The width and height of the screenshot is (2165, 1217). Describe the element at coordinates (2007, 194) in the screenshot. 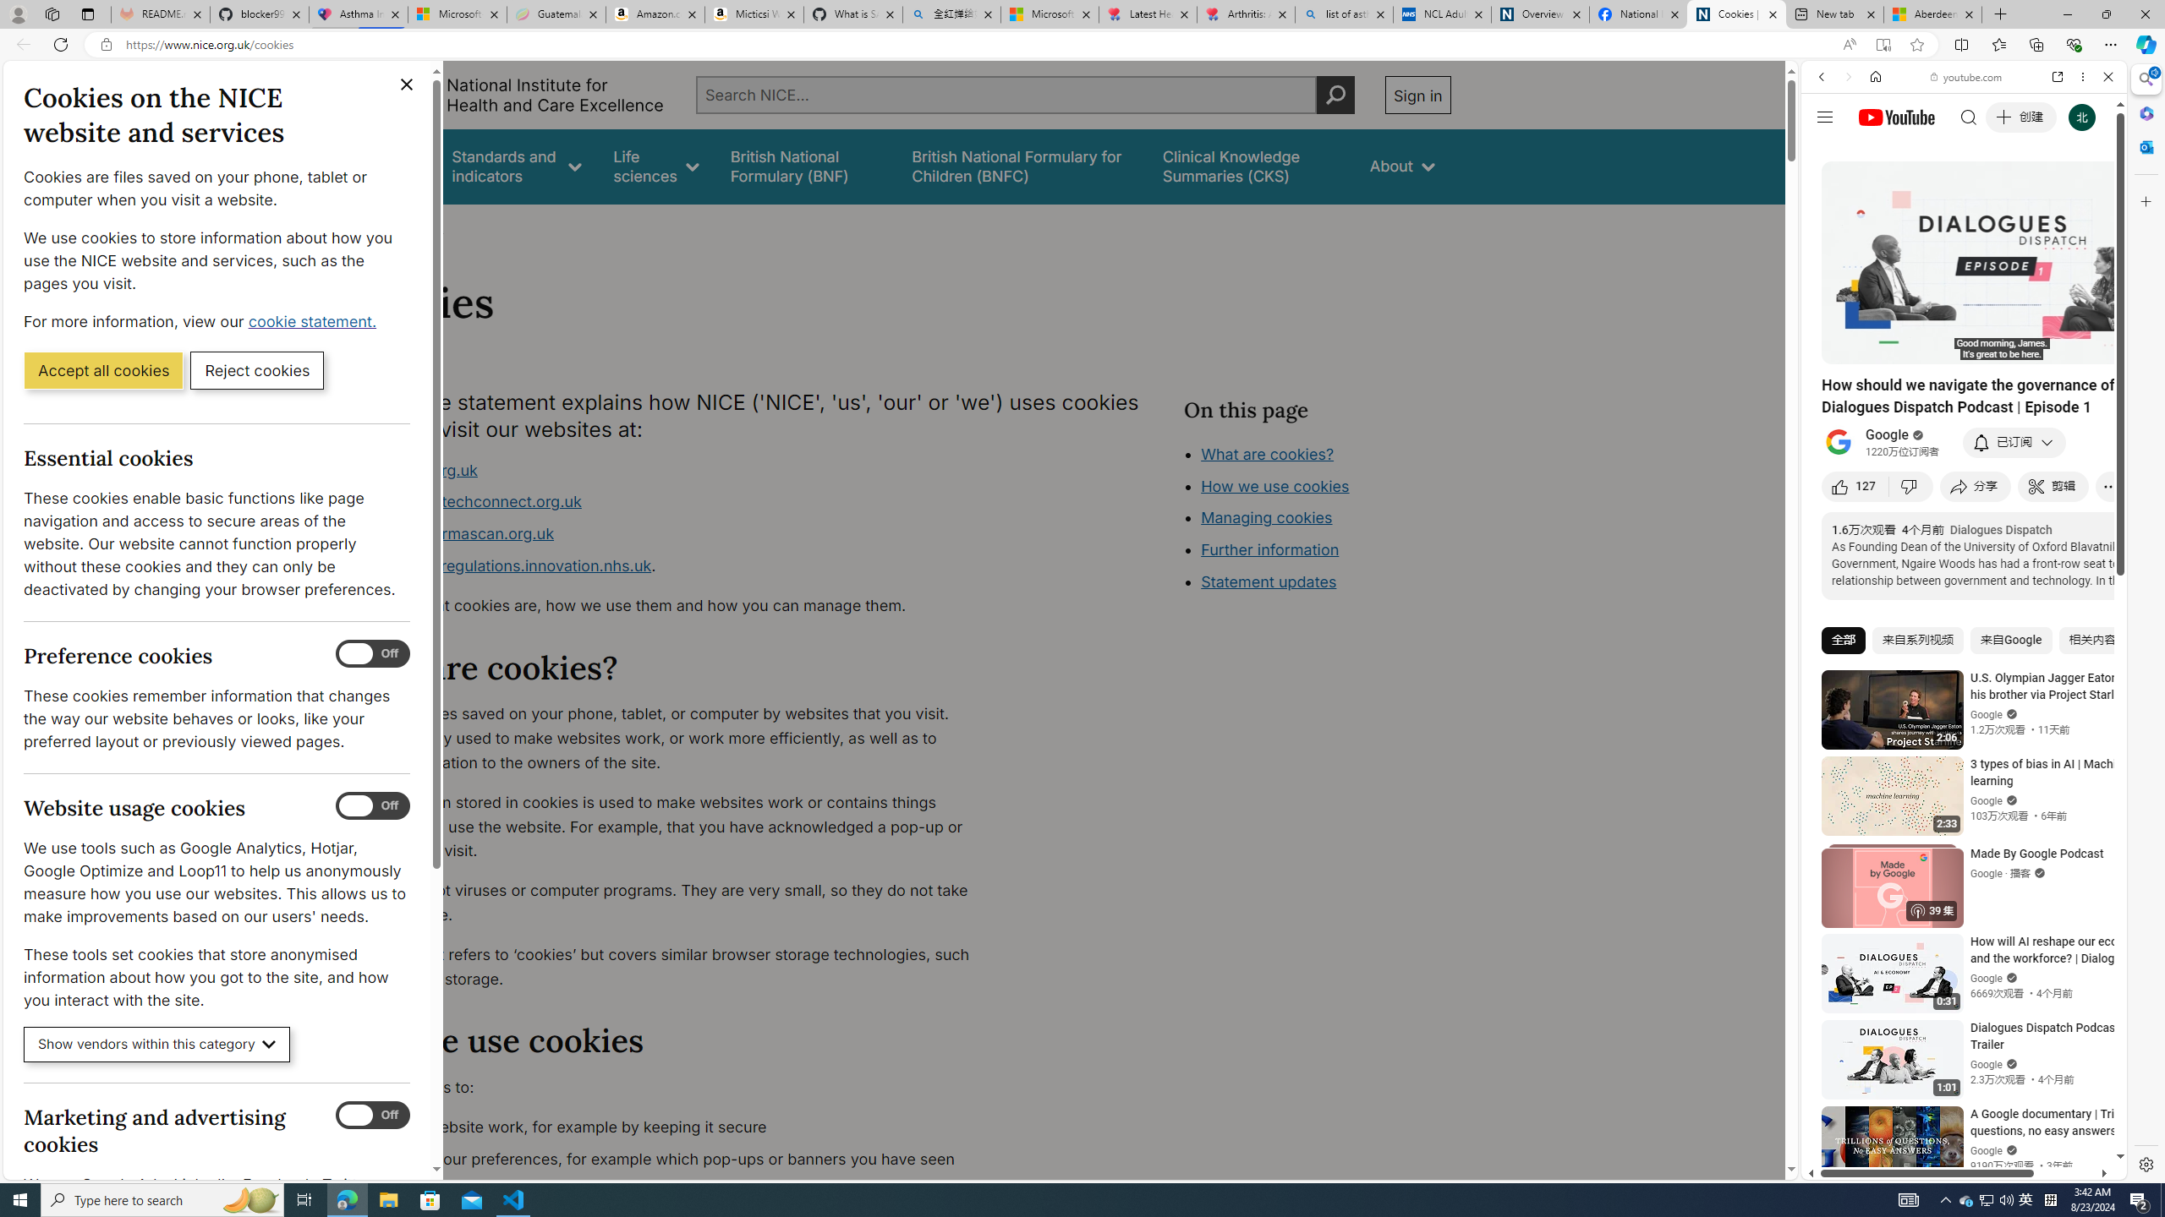

I see `'SEARCH TOOLS'` at that location.